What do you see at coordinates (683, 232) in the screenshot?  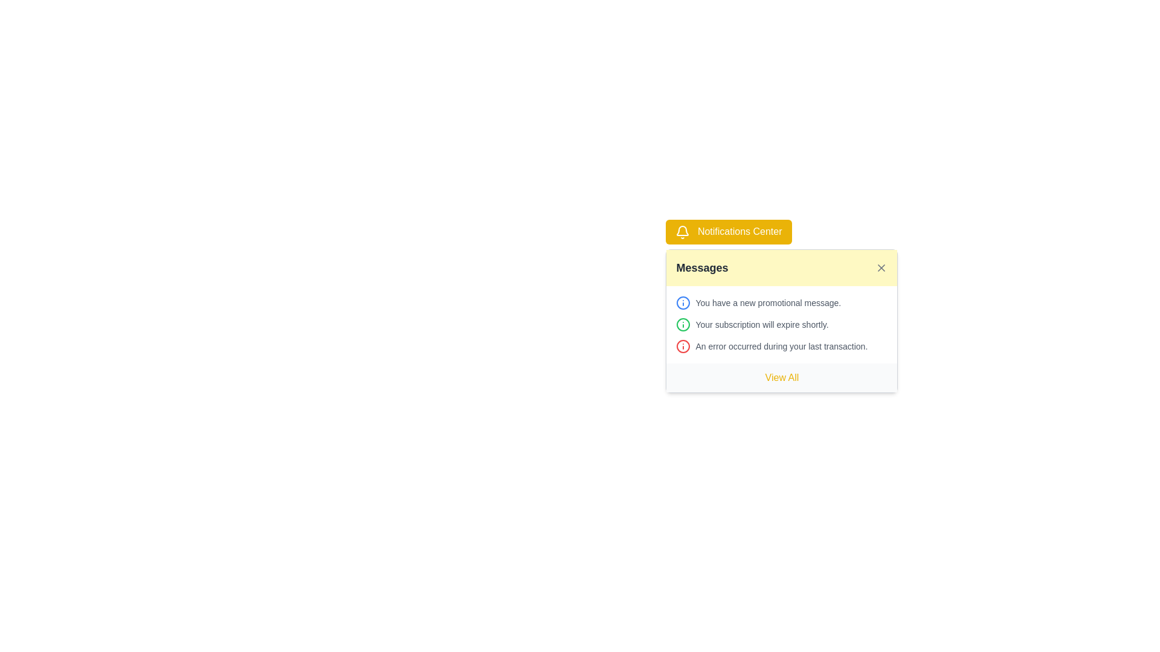 I see `the notifications icon located to the left of the 'Notifications Center' text within the yellow button, which indicates alerts and notifications` at bounding box center [683, 232].